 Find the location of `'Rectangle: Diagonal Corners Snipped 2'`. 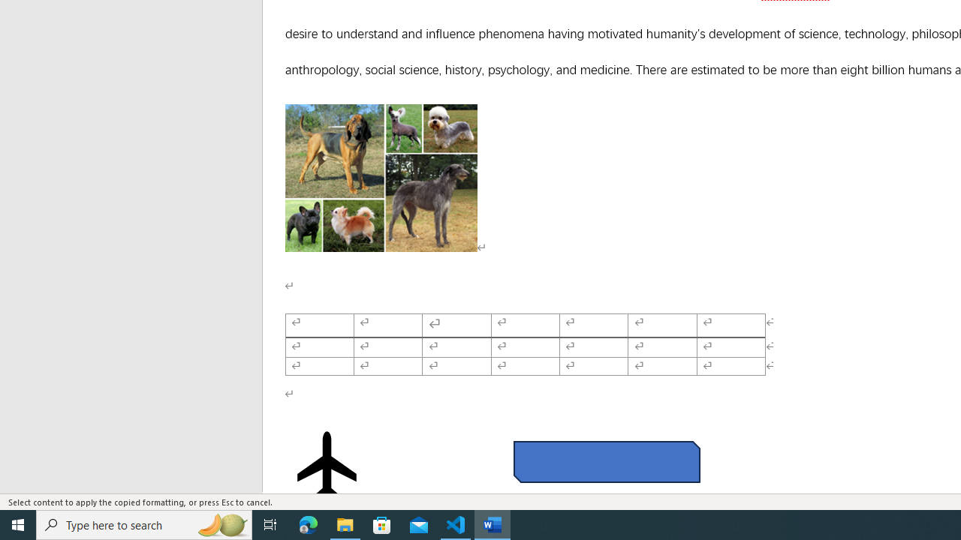

'Rectangle: Diagonal Corners Snipped 2' is located at coordinates (607, 460).